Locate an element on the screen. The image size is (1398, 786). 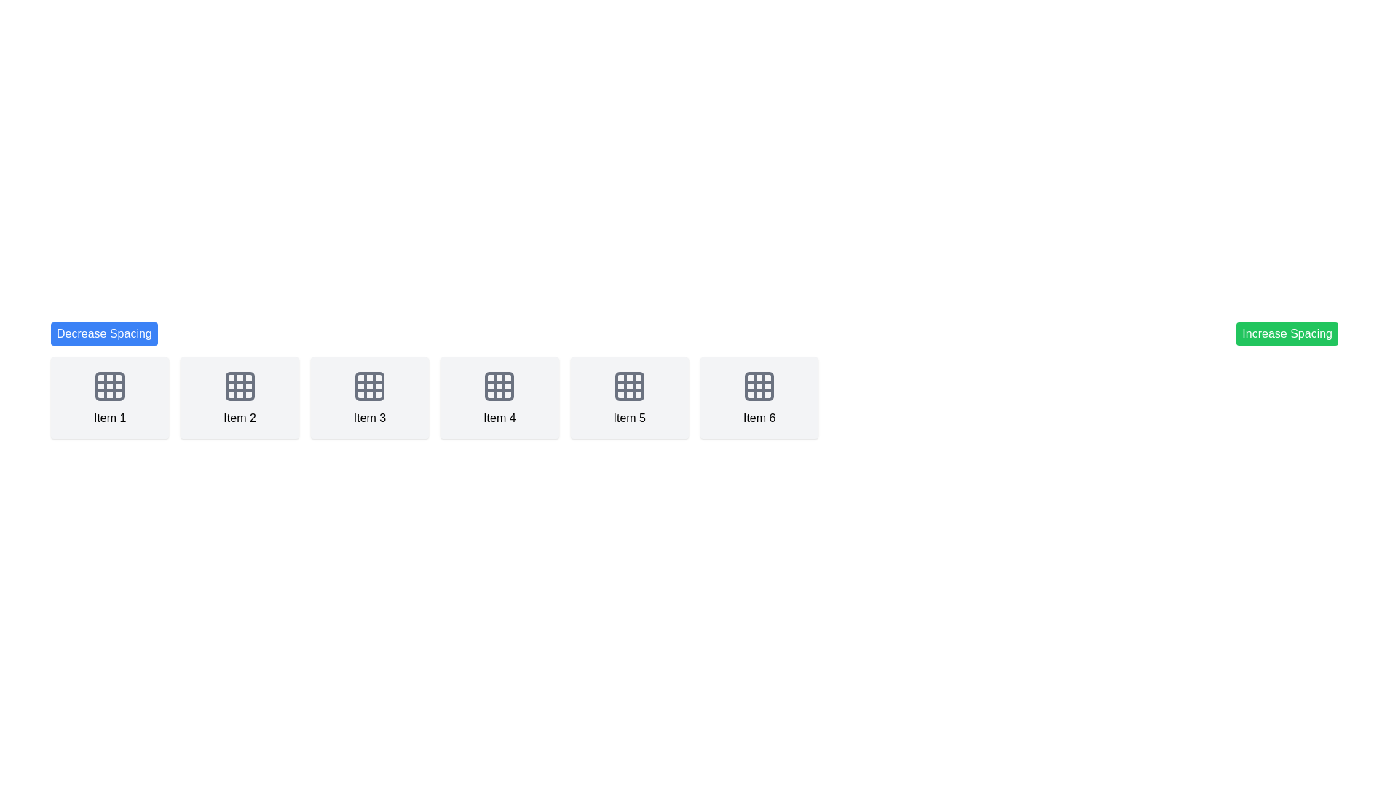
the label located at the bottom-center of the sixth card in a series of six, which identifies the item represented by the card is located at coordinates (759, 418).